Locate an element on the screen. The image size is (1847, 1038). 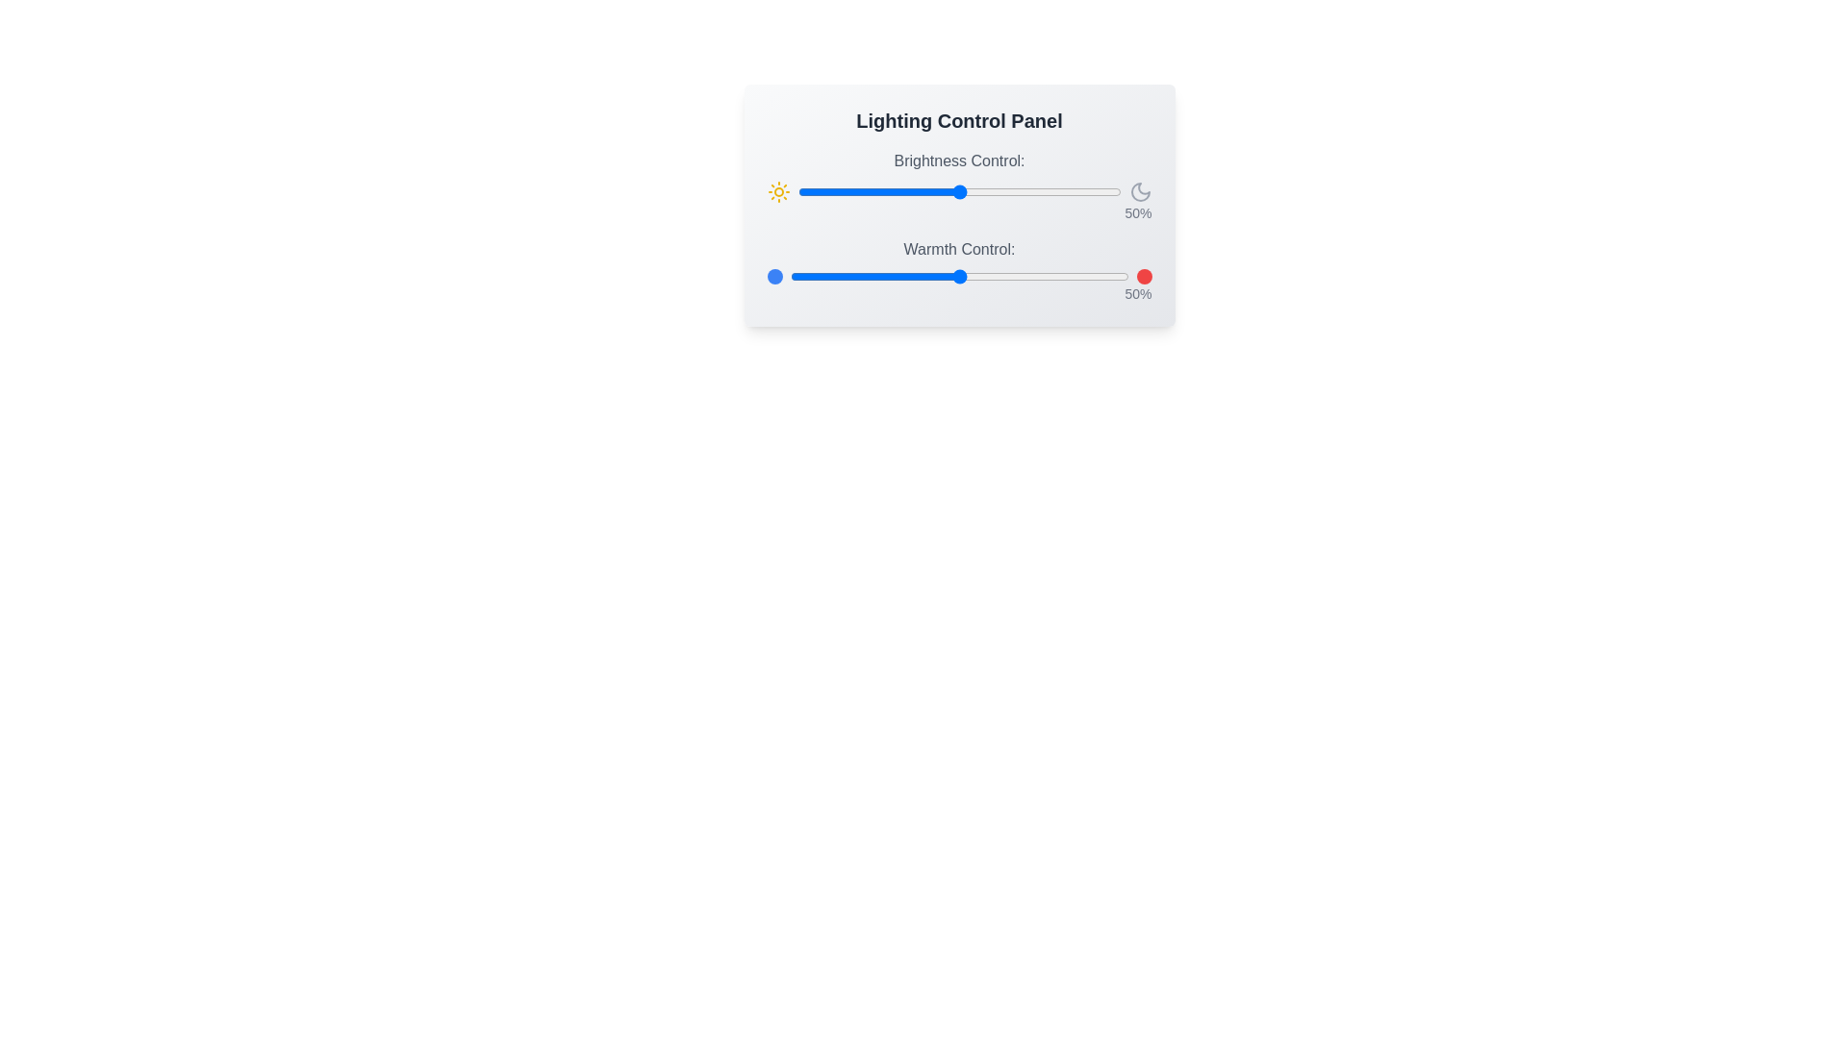
brightness is located at coordinates (962, 192).